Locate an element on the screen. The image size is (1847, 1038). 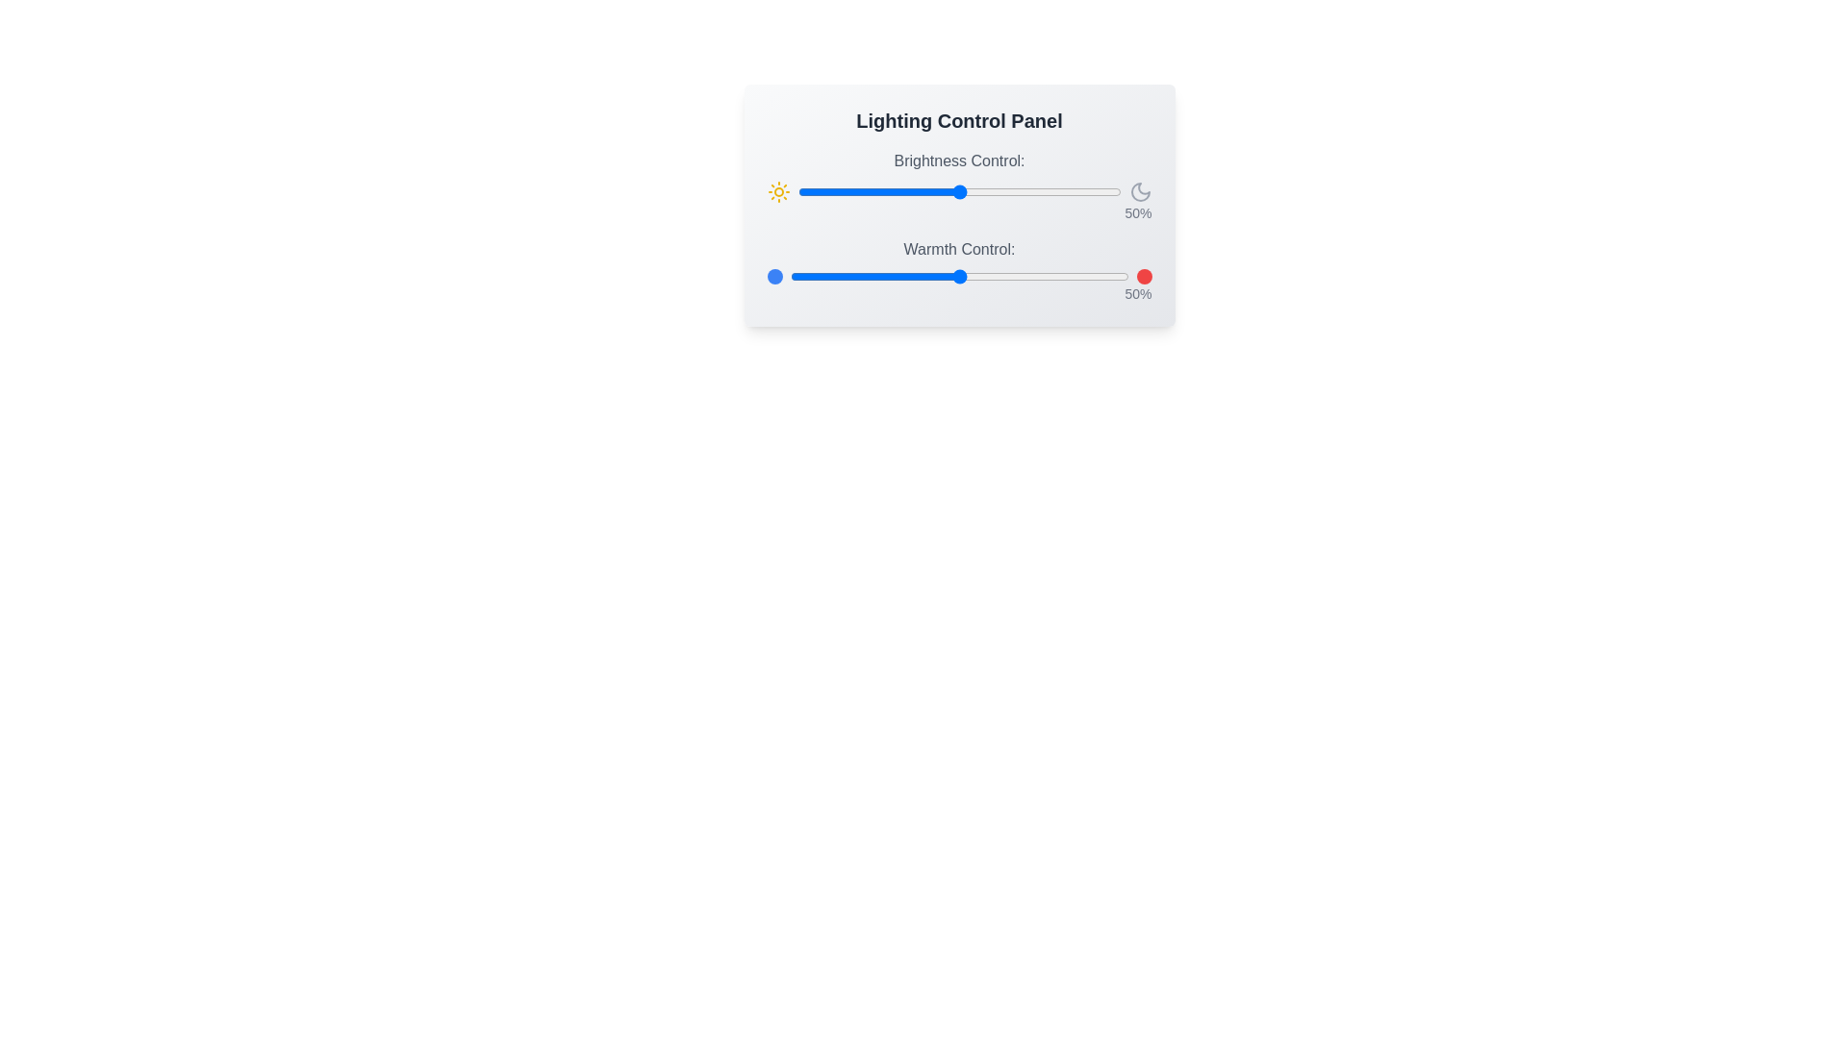
brightness is located at coordinates (962, 192).